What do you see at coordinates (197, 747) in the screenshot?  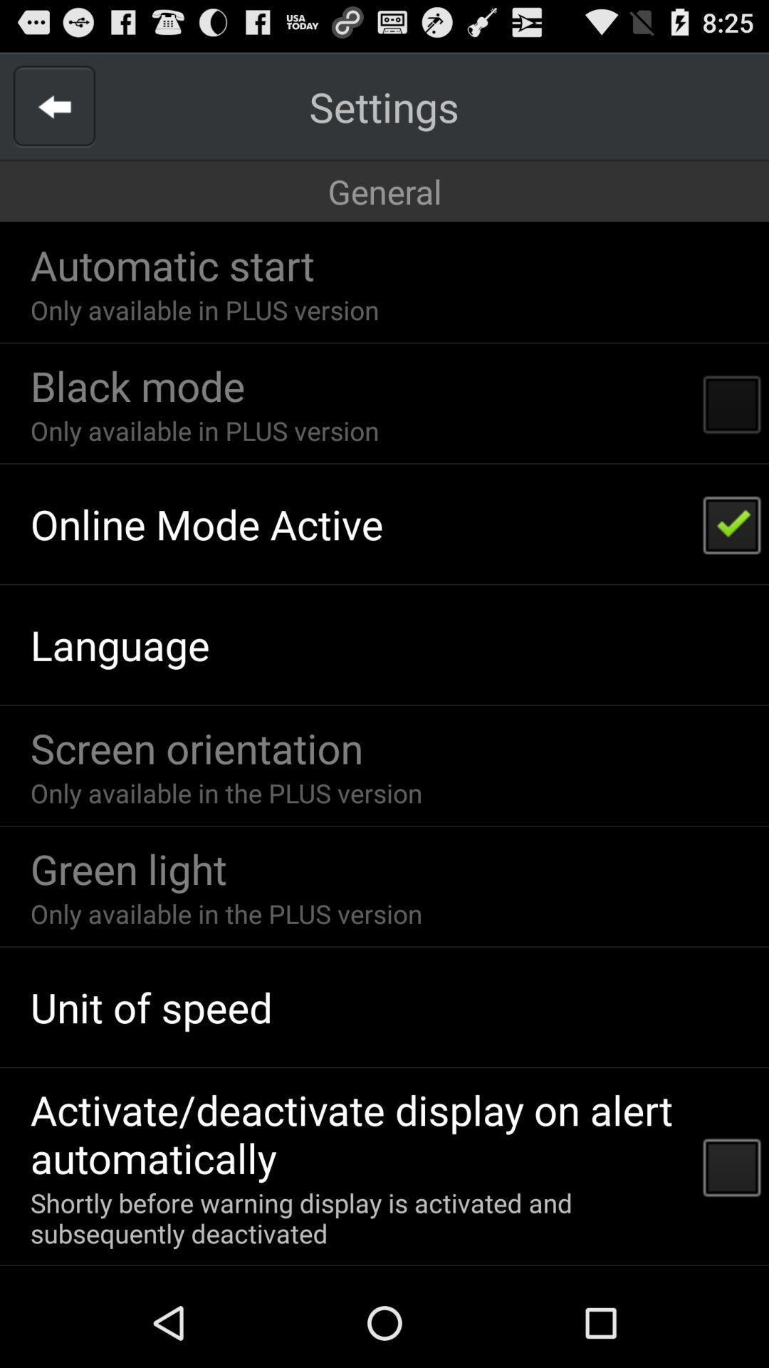 I see `the app above the only available in app` at bounding box center [197, 747].